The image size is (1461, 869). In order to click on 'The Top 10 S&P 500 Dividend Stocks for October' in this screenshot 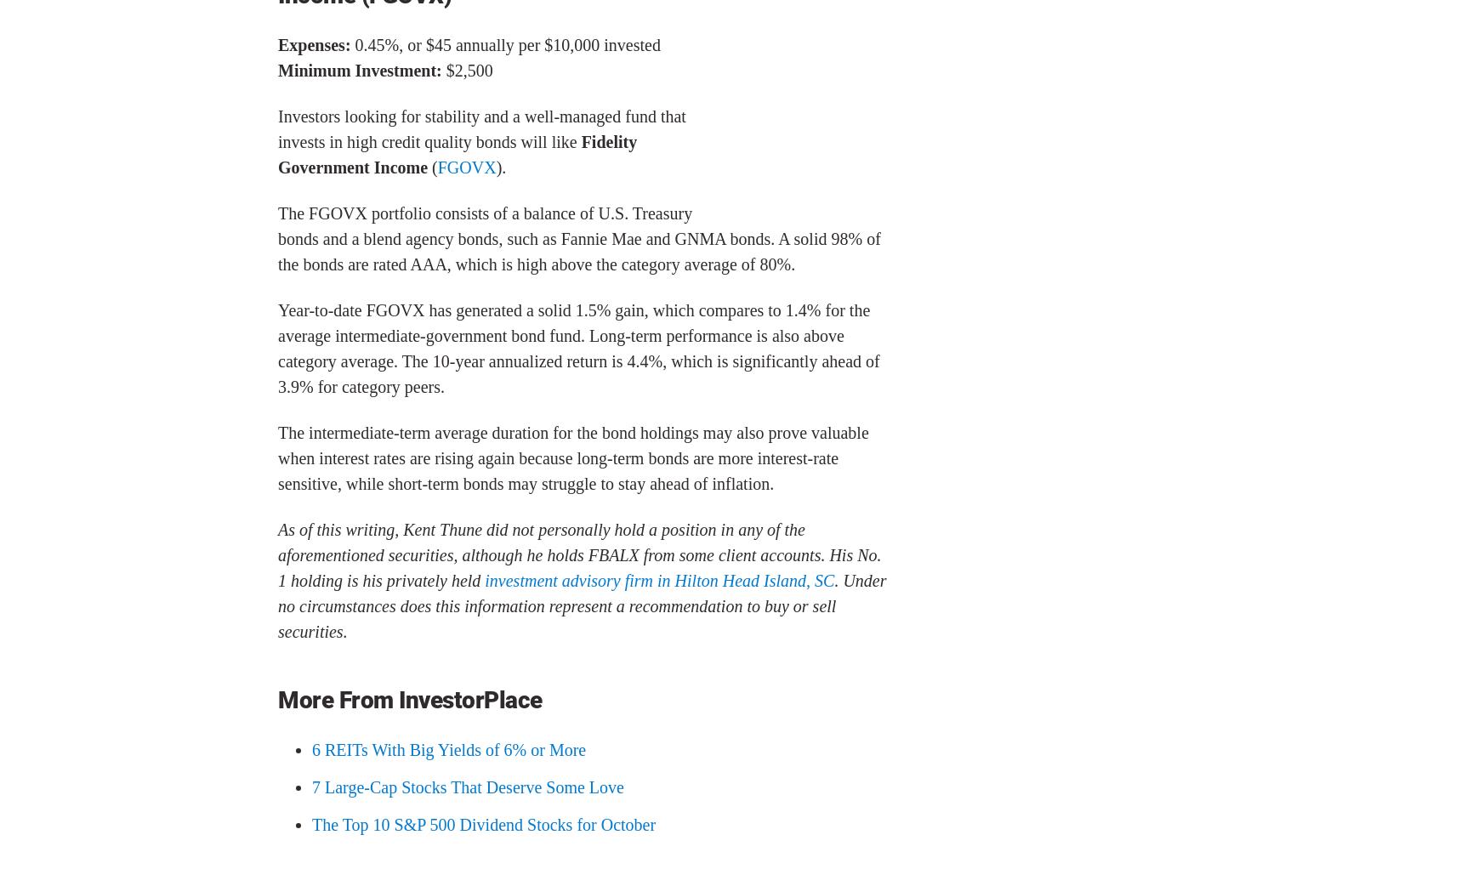, I will do `click(483, 822)`.